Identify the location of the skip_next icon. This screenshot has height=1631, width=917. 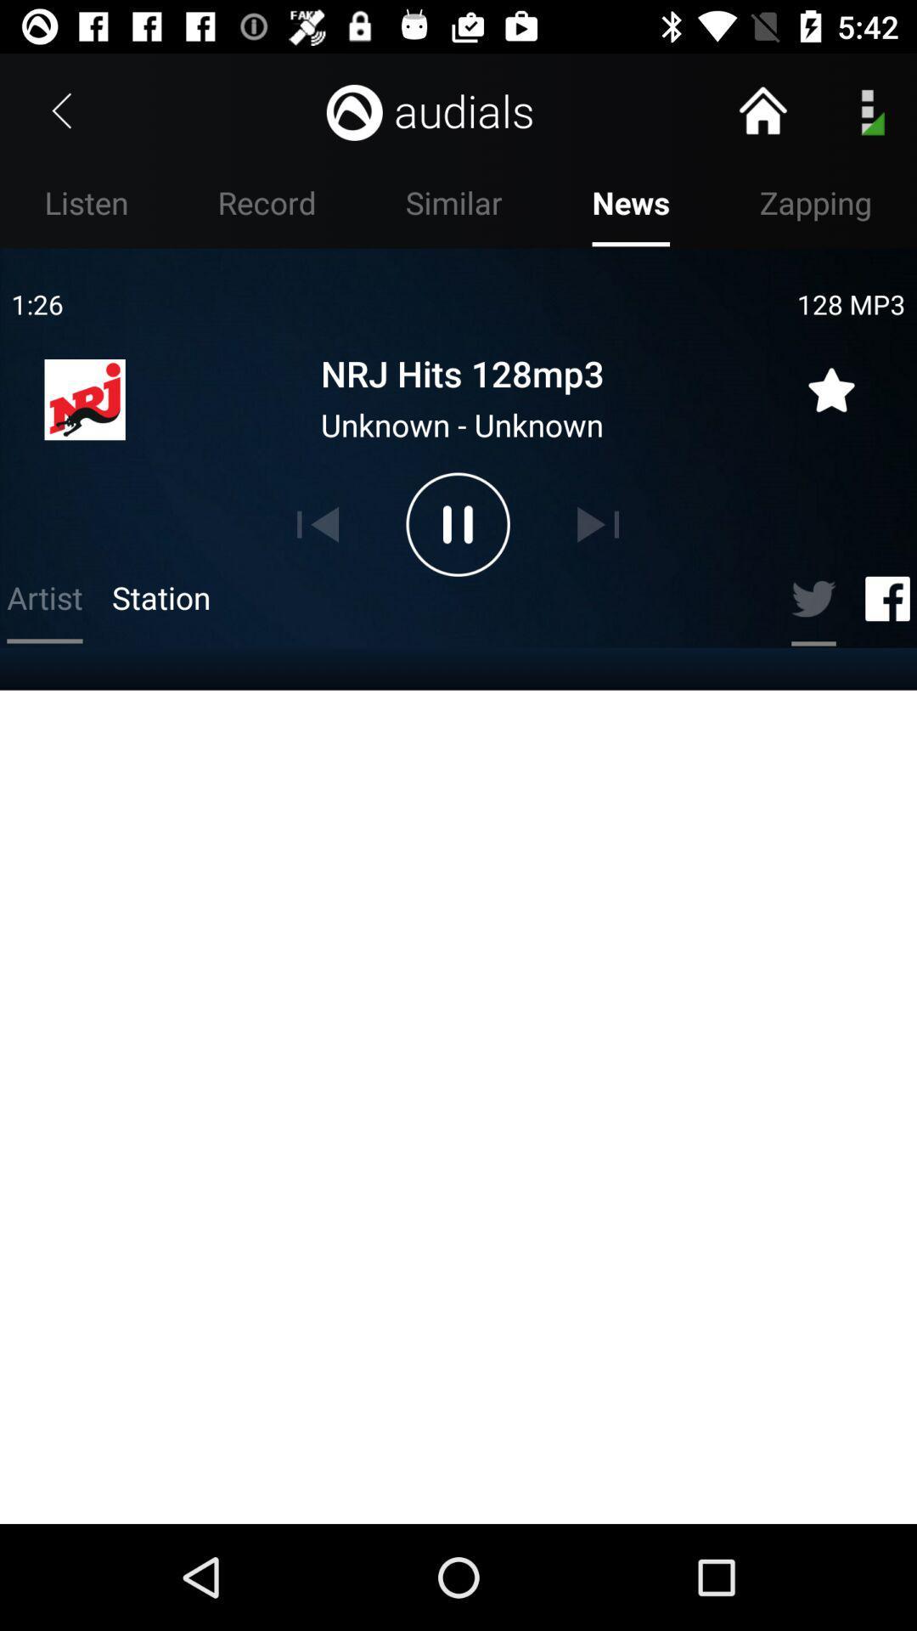
(597, 523).